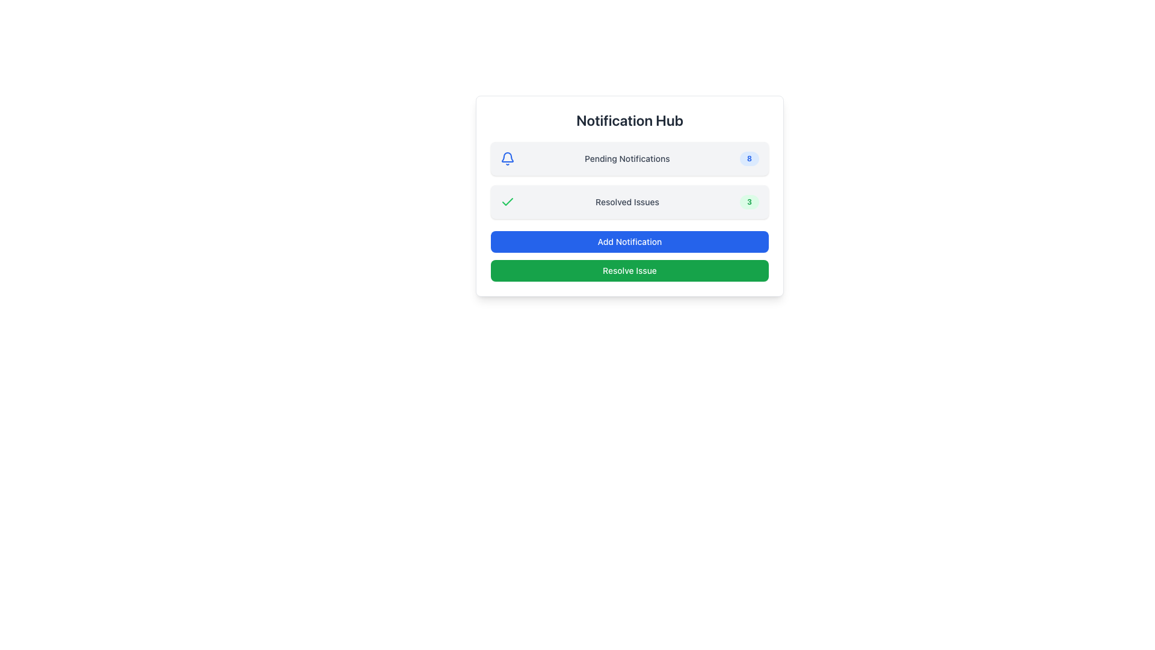  I want to click on the small circular badge with a light green background and bold green text displaying the number '3', located at the top-right corner within the 'Resolved Issues' section, so click(748, 201).